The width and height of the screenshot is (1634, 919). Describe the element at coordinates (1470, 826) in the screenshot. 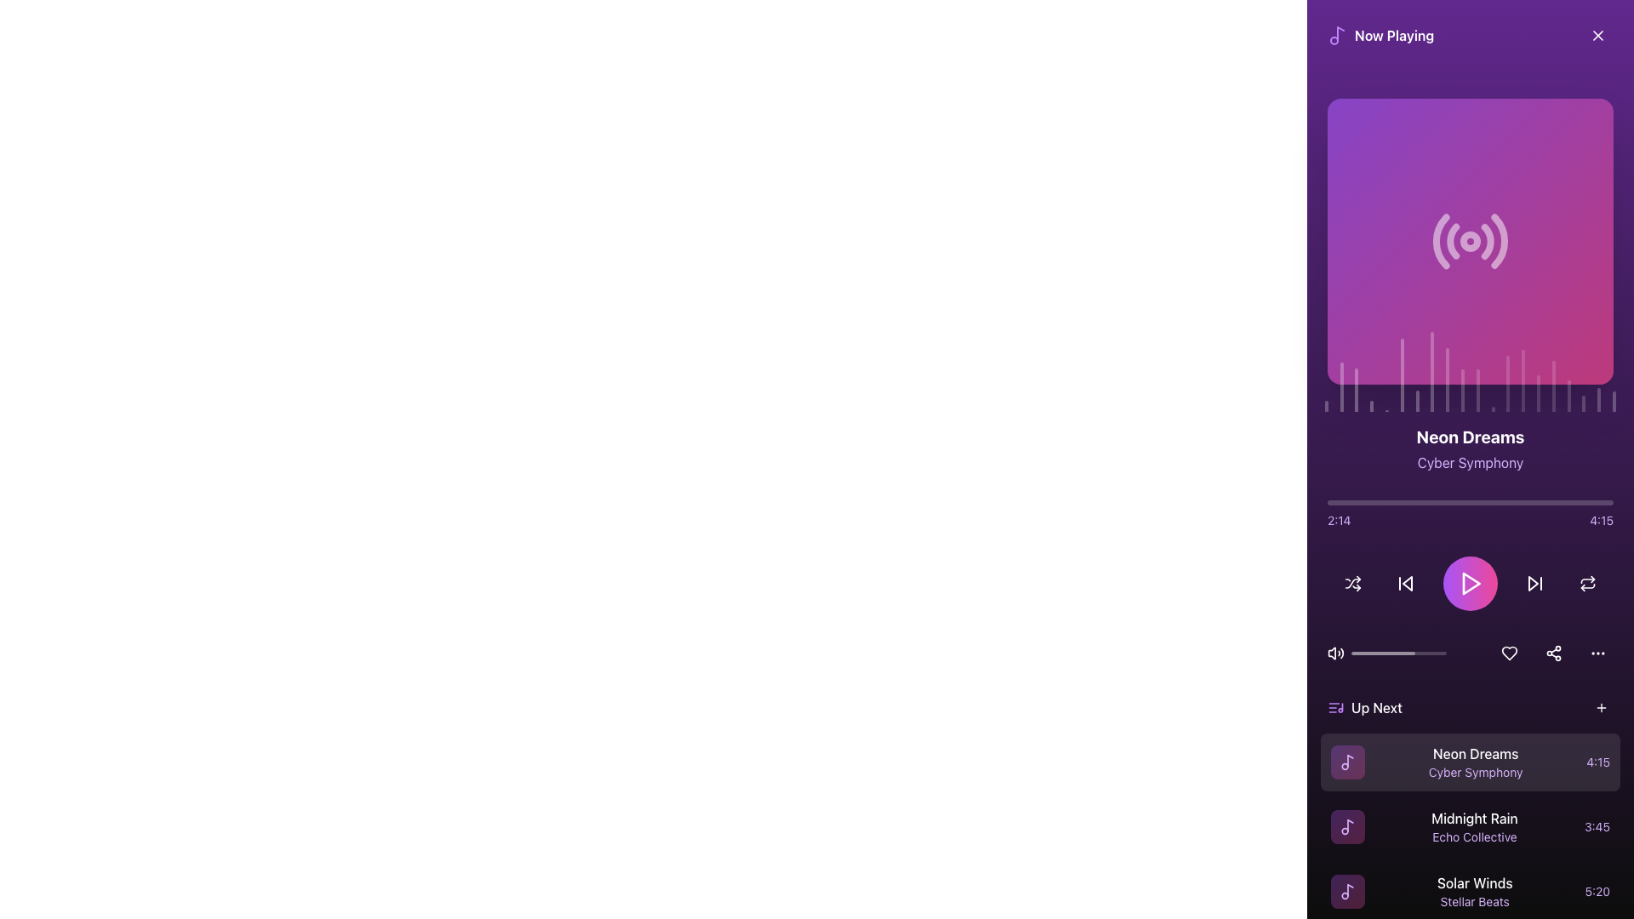

I see `the second list item in the 'Up Next' section of the media player UI, which displays the track 'Midnight Rain' by 'Echo Collective'` at that location.